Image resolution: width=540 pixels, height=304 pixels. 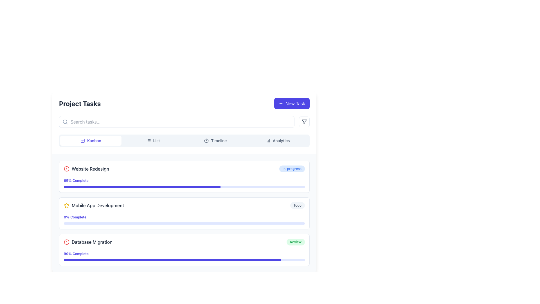 I want to click on 'Database Migration' text label which is styled in slate gray and positioned in the bottom box of three task entries, specifically to the right of a red circular alert icon in the row labeled '90% Complete.', so click(x=92, y=242).